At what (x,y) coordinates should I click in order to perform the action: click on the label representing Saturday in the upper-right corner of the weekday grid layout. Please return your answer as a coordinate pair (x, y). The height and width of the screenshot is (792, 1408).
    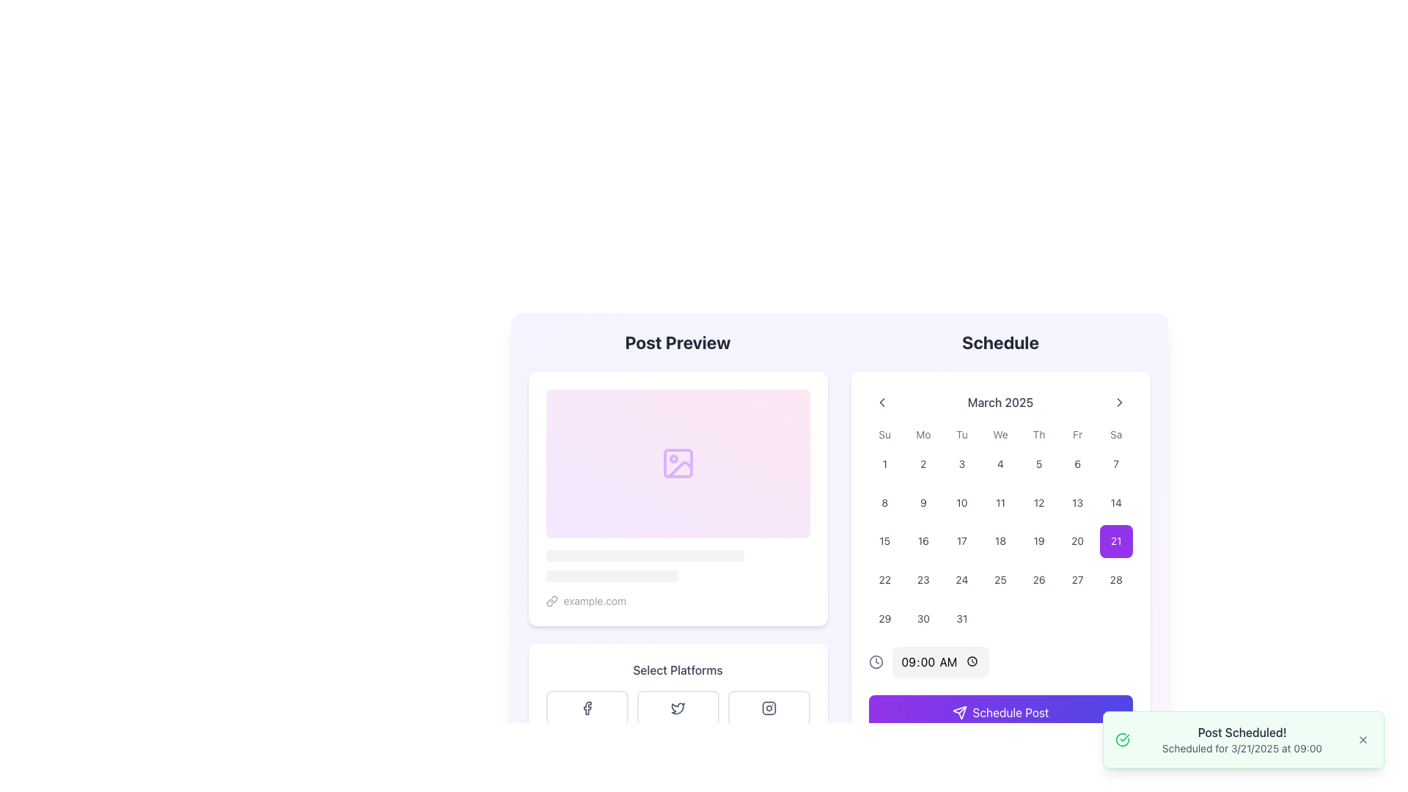
    Looking at the image, I should click on (1115, 434).